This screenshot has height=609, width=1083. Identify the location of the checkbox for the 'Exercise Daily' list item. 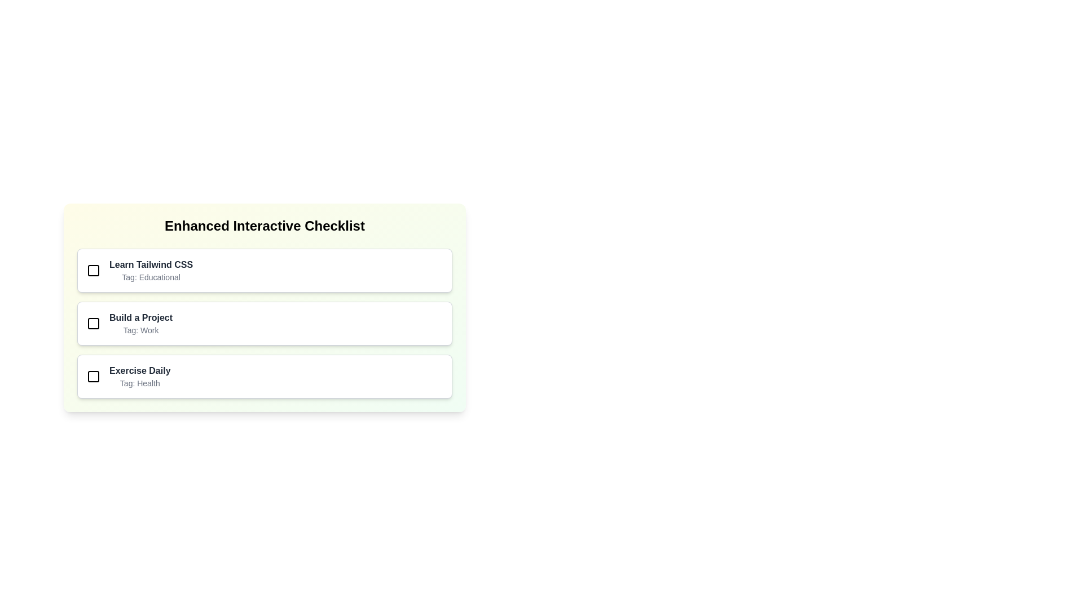
(94, 376).